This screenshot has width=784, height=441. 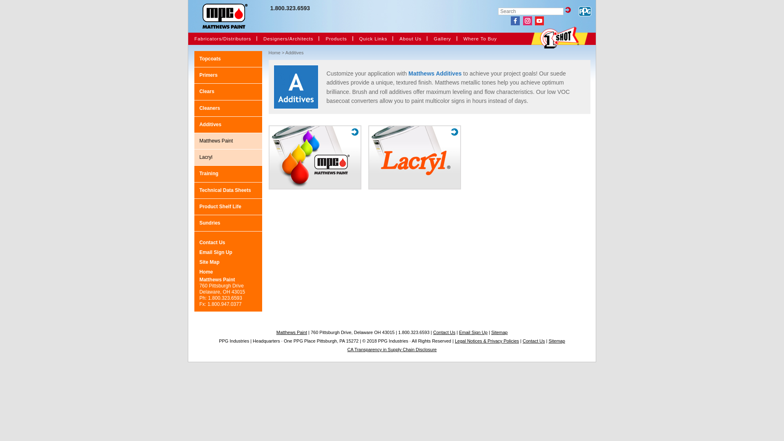 I want to click on 'Technical Data Sheets', so click(x=225, y=190).